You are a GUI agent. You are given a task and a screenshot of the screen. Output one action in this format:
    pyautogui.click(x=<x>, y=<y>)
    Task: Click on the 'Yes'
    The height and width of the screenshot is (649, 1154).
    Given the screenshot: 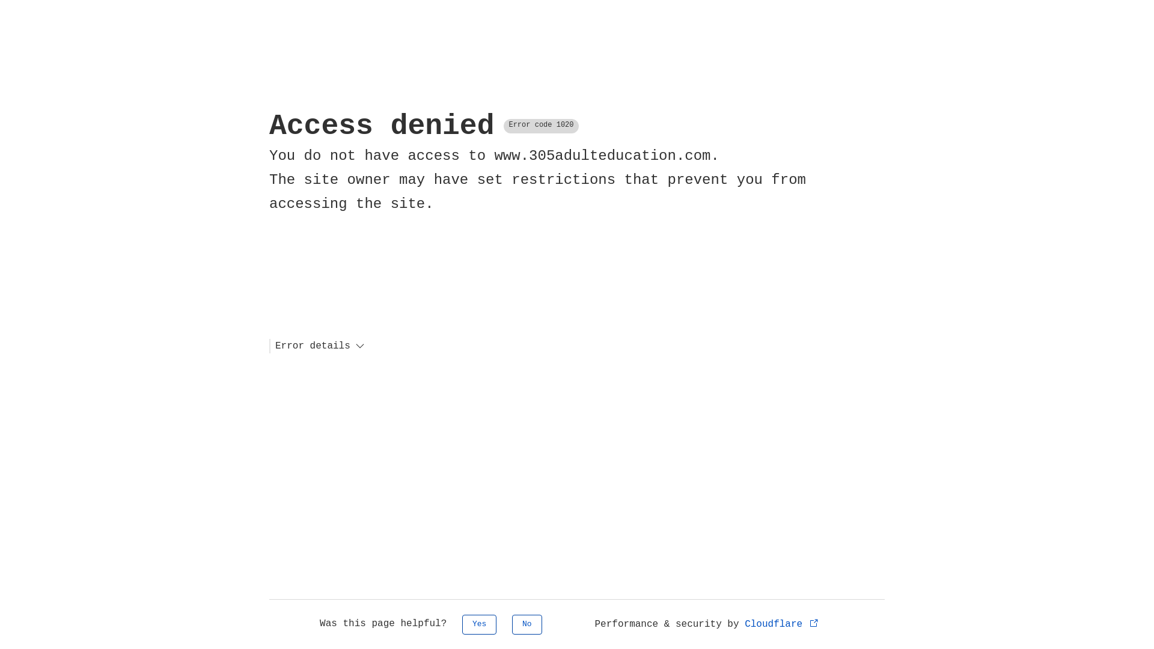 What is the action you would take?
    pyautogui.click(x=478, y=624)
    